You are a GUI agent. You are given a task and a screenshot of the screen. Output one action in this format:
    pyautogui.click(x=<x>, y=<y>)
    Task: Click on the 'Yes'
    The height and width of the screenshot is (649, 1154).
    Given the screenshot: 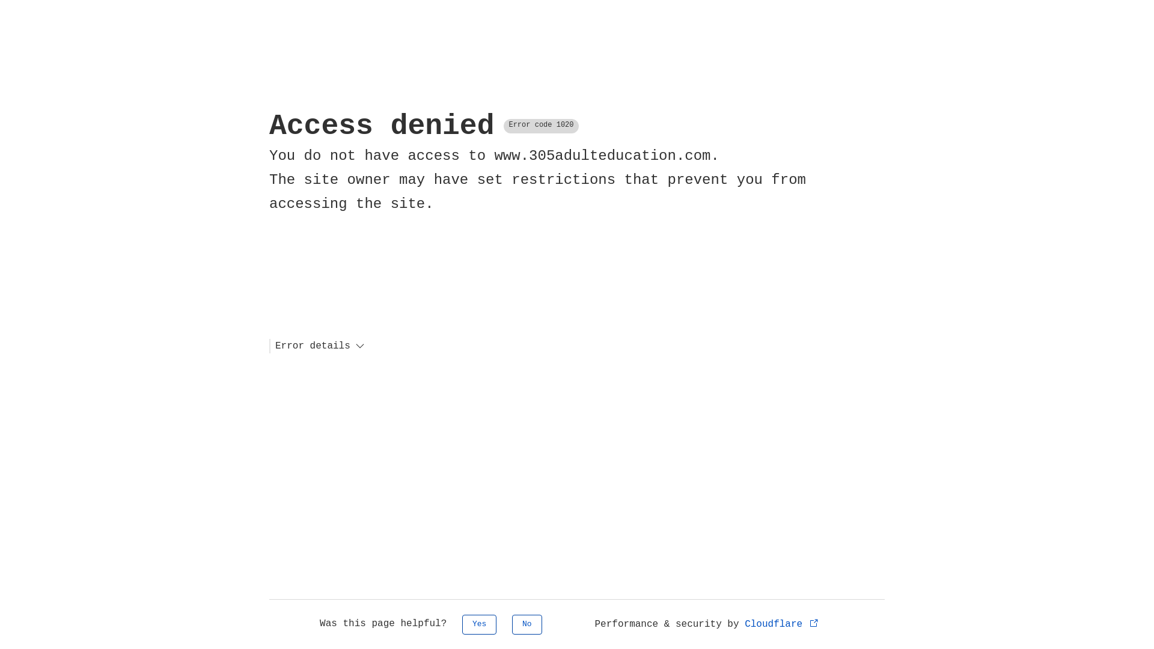 What is the action you would take?
    pyautogui.click(x=478, y=624)
    